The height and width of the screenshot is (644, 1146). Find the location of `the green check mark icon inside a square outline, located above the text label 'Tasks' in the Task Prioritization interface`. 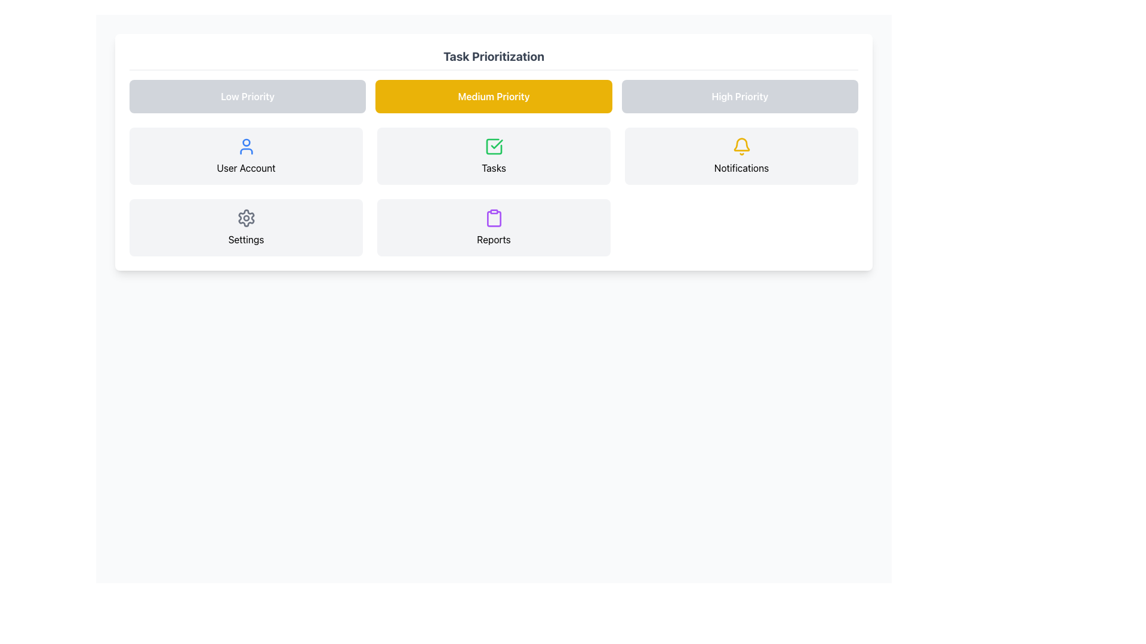

the green check mark icon inside a square outline, located above the text label 'Tasks' in the Task Prioritization interface is located at coordinates (494, 146).